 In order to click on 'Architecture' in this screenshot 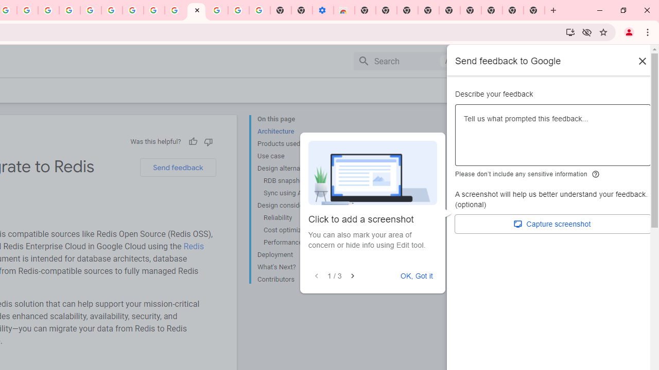, I will do `click(298, 131)`.